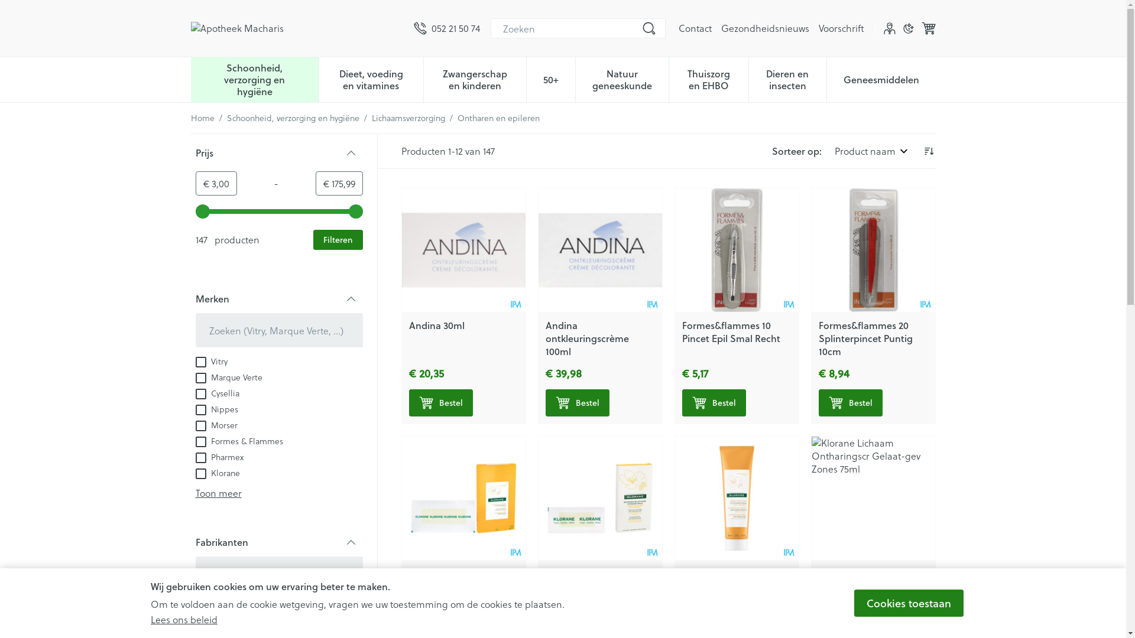 The image size is (1135, 638). Describe the element at coordinates (200, 378) in the screenshot. I see `'on'` at that location.